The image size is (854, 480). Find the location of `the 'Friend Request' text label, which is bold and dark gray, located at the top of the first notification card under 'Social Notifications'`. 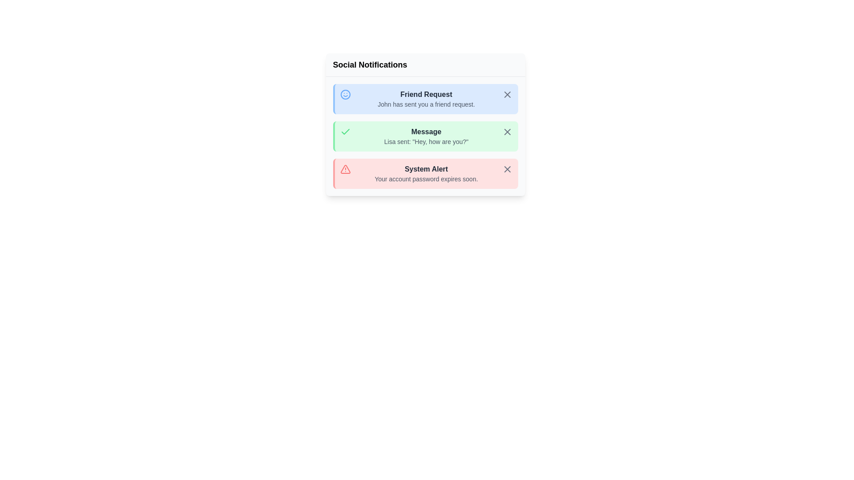

the 'Friend Request' text label, which is bold and dark gray, located at the top of the first notification card under 'Social Notifications' is located at coordinates (426, 94).